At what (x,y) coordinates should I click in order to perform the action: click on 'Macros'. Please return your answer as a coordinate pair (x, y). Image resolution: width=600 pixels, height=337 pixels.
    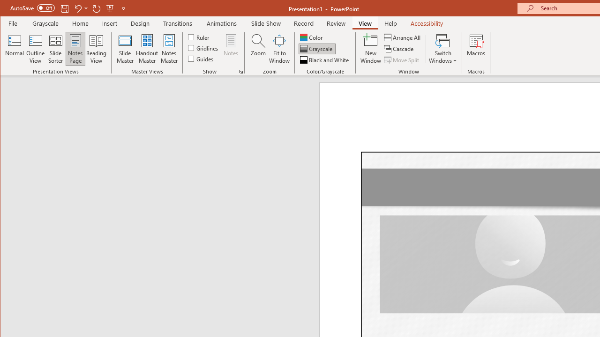
    Looking at the image, I should click on (476, 49).